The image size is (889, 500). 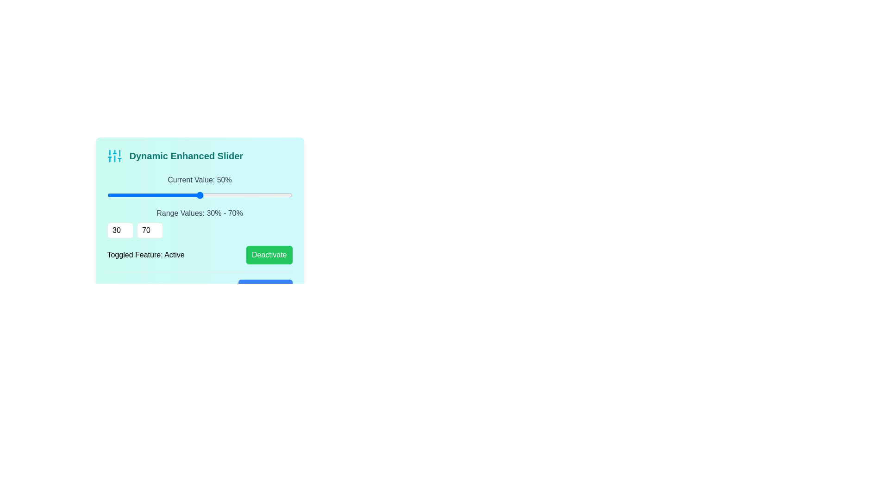 What do you see at coordinates (107, 194) in the screenshot?
I see `the slider` at bounding box center [107, 194].